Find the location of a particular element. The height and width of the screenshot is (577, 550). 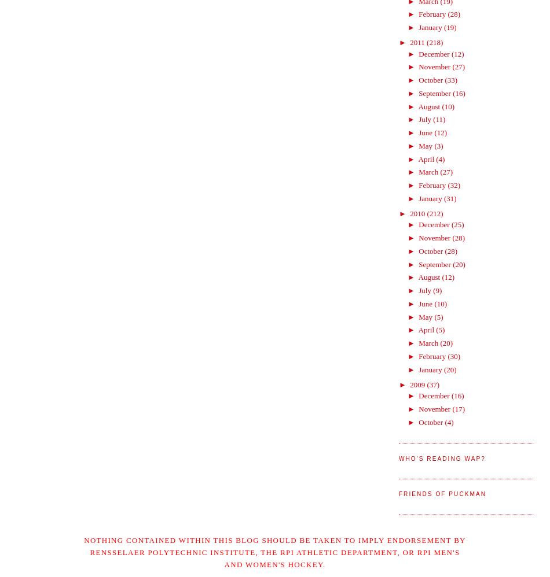

'(218)' is located at coordinates (434, 42).